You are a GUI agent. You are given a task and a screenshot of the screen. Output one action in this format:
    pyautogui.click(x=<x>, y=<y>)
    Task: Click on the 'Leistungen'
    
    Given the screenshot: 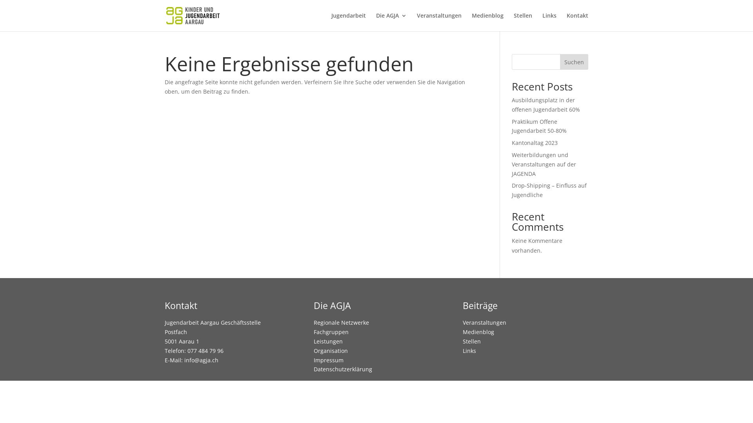 What is the action you would take?
    pyautogui.click(x=314, y=341)
    